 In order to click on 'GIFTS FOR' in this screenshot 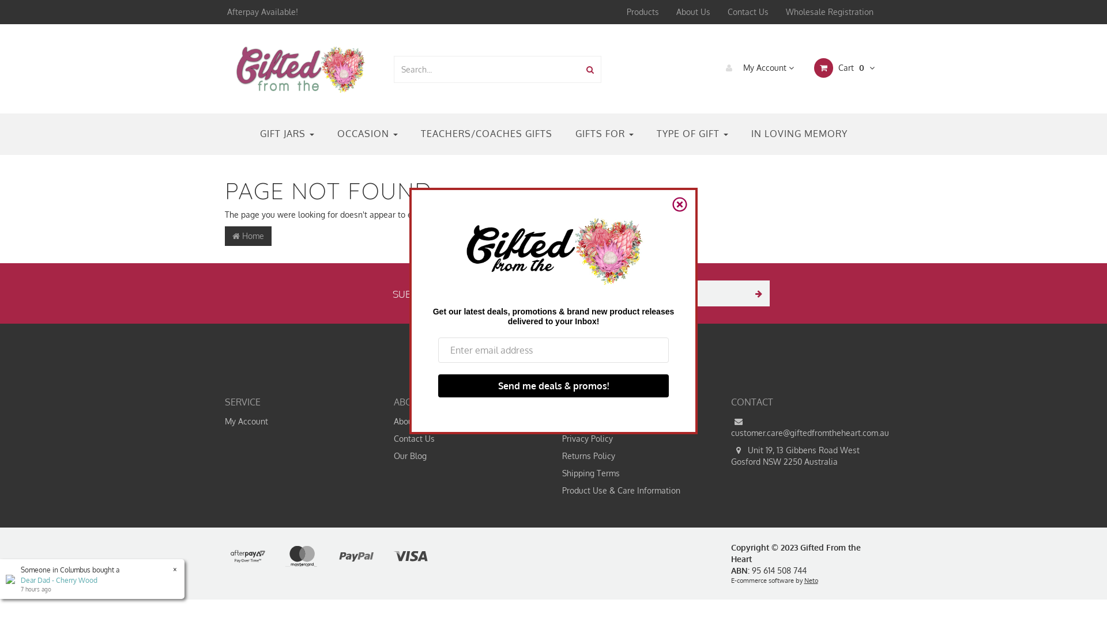, I will do `click(604, 133)`.